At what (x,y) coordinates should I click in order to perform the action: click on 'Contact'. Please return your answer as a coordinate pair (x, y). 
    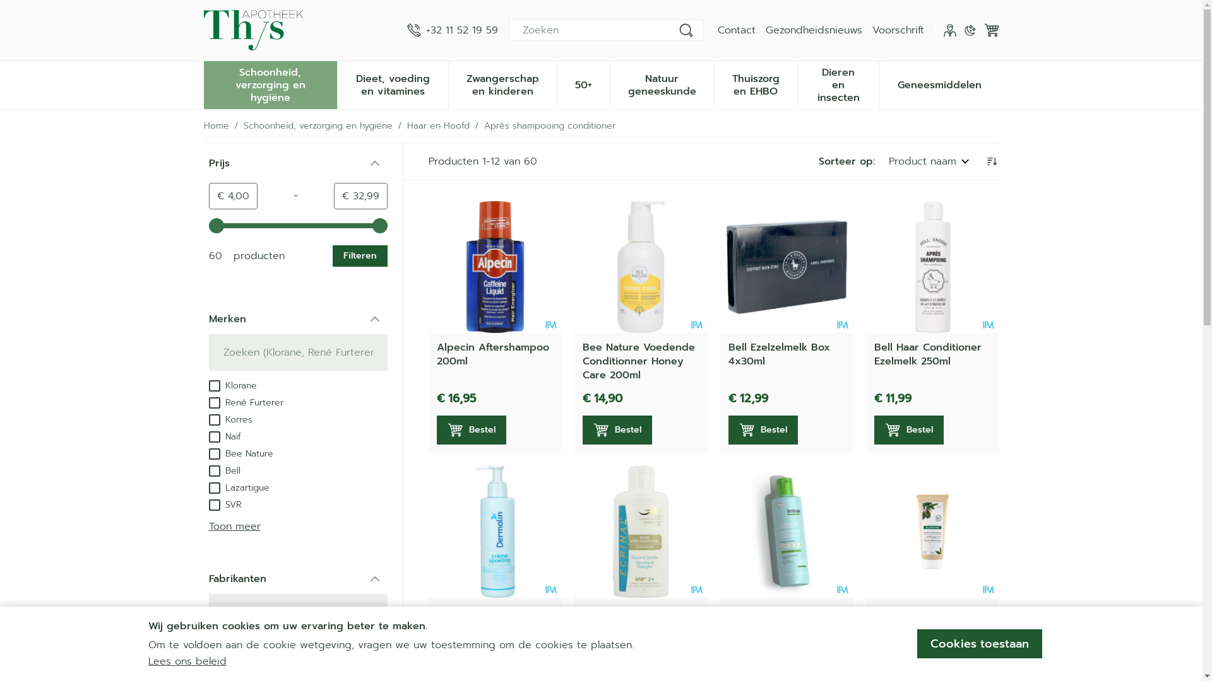
    Looking at the image, I should click on (717, 29).